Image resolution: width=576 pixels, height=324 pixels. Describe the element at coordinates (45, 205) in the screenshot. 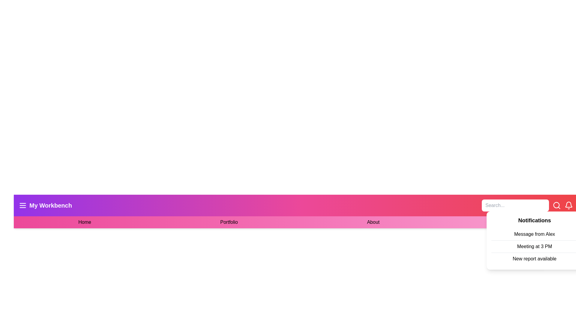

I see `the 'My Workbench' navigation label with a hamburger menu icon, which is located on the far left of the top navigation bar` at that location.